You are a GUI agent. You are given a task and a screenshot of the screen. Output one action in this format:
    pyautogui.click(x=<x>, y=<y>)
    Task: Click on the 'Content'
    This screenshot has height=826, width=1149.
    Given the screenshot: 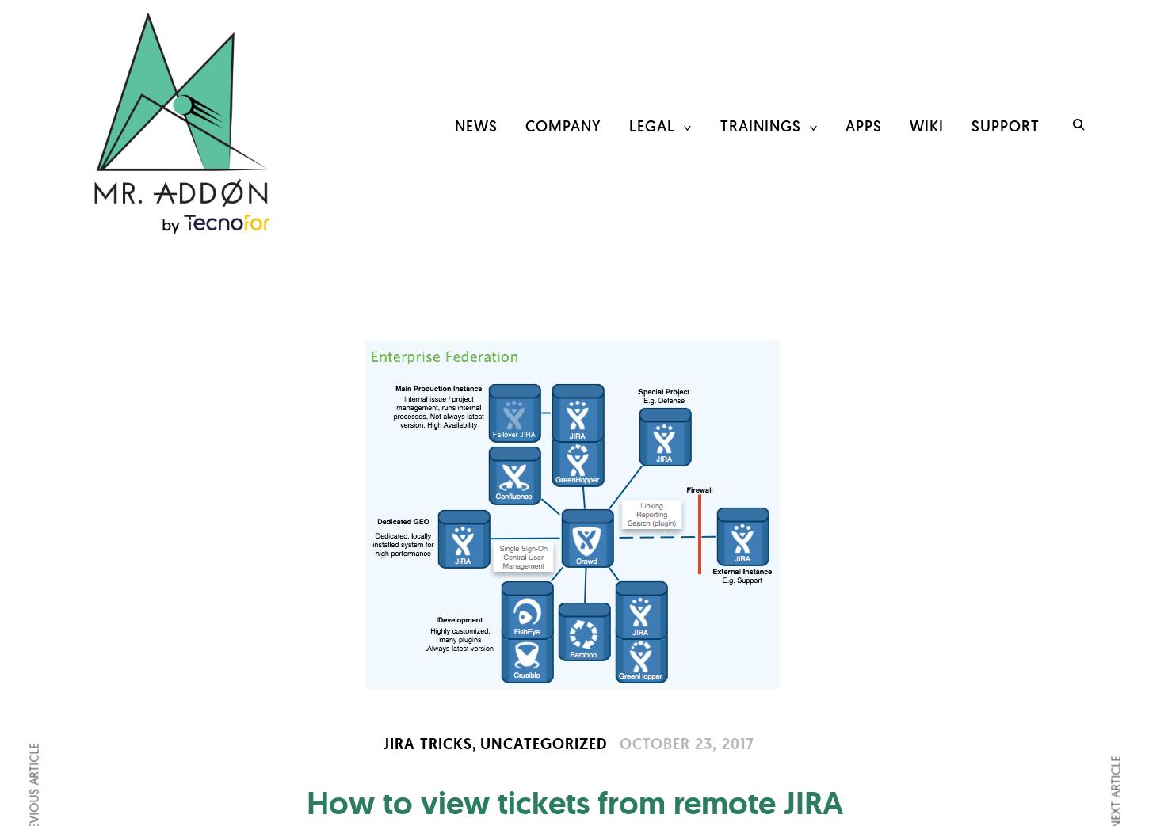 What is the action you would take?
    pyautogui.click(x=754, y=210)
    